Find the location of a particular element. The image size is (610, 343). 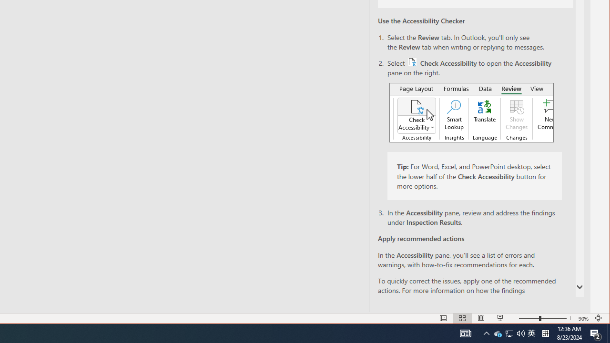

'Zoom 90%' is located at coordinates (596, 333).